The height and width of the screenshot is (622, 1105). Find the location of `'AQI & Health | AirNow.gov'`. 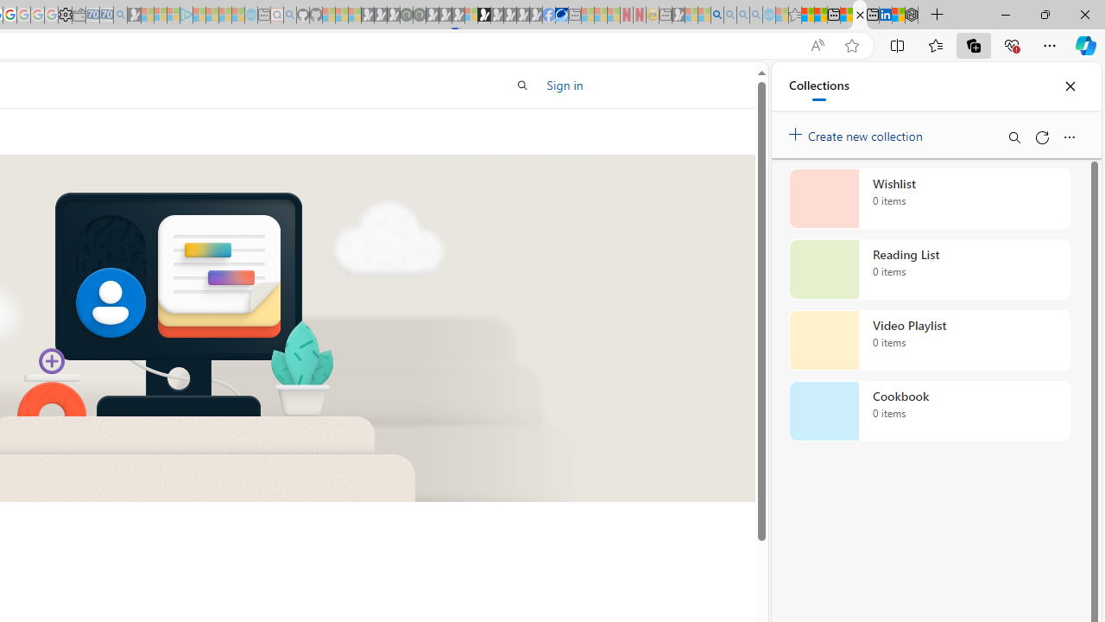

'AQI & Health | AirNow.gov' is located at coordinates (561, 15).